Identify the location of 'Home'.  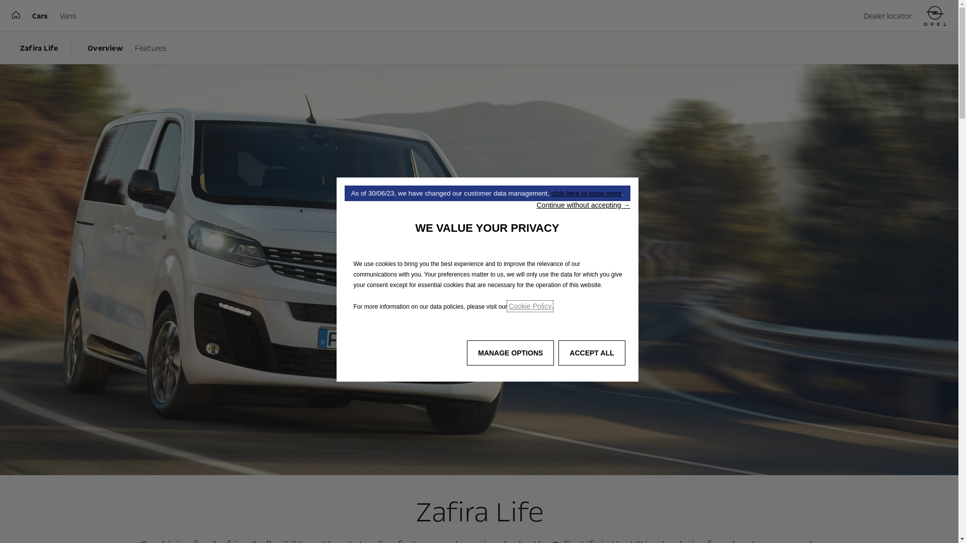
(934, 16).